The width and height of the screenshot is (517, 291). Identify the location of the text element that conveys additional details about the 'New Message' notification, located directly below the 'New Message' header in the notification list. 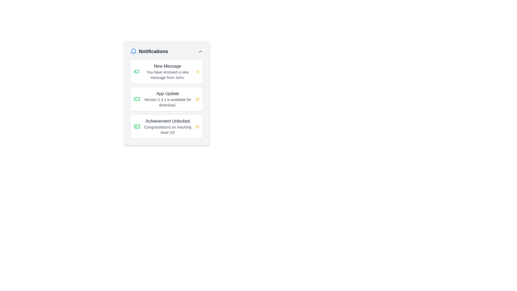
(167, 75).